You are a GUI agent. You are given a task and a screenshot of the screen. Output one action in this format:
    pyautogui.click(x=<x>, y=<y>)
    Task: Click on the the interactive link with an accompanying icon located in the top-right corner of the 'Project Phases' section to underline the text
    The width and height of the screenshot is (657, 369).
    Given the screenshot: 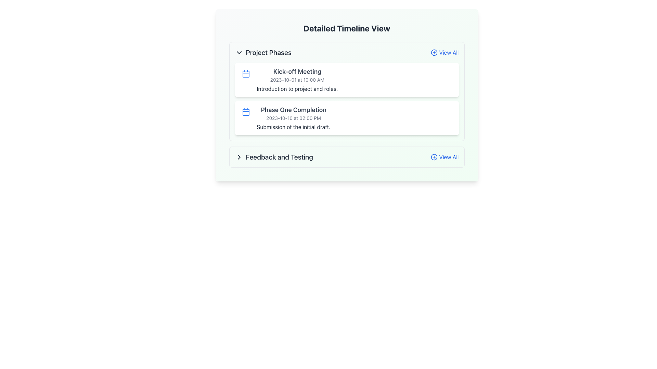 What is the action you would take?
    pyautogui.click(x=445, y=52)
    